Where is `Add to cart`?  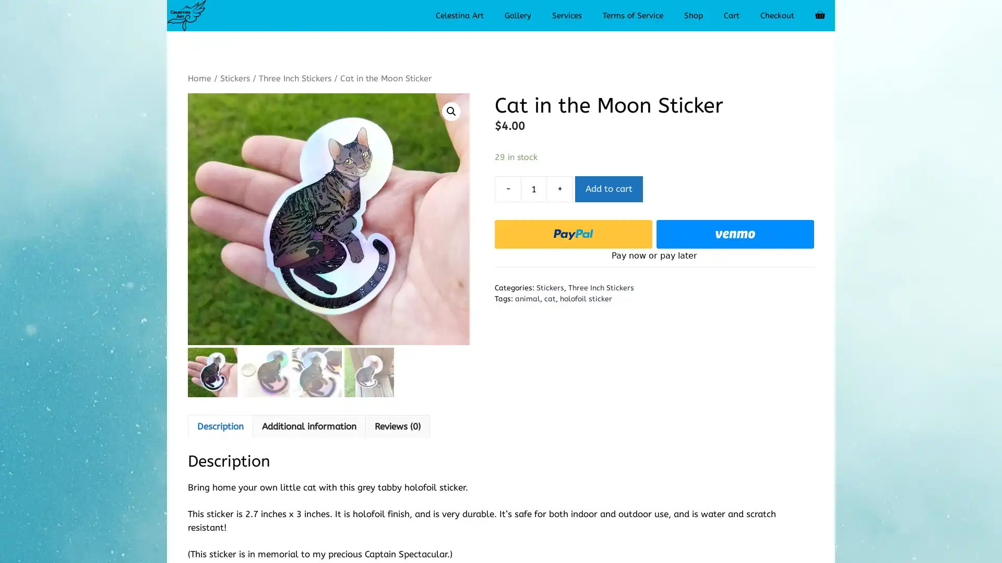
Add to cart is located at coordinates (609, 189).